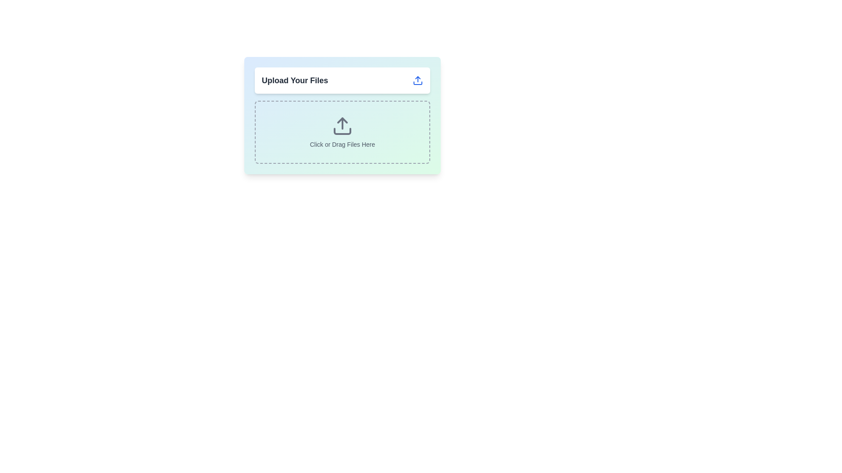 This screenshot has width=842, height=473. I want to click on the dashed area of the file upload widget, so click(342, 115).